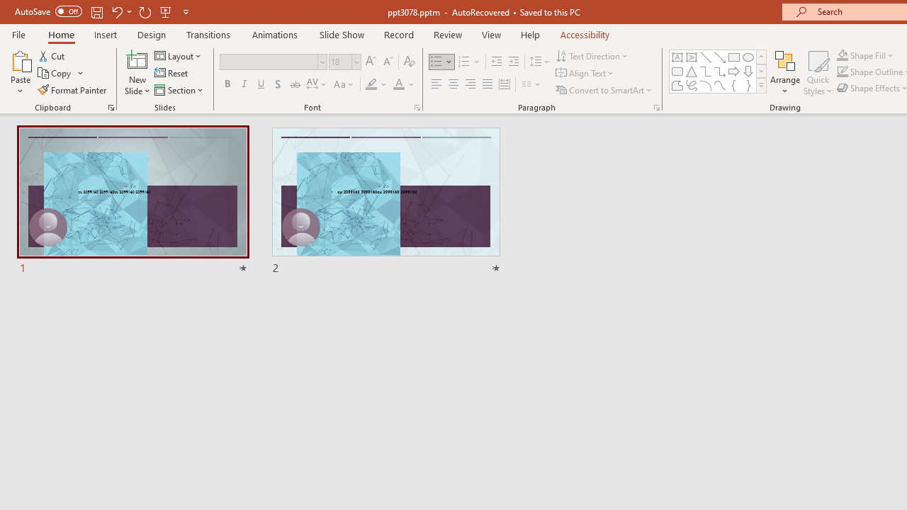 Image resolution: width=907 pixels, height=510 pixels. What do you see at coordinates (585, 73) in the screenshot?
I see `'Align Text'` at bounding box center [585, 73].